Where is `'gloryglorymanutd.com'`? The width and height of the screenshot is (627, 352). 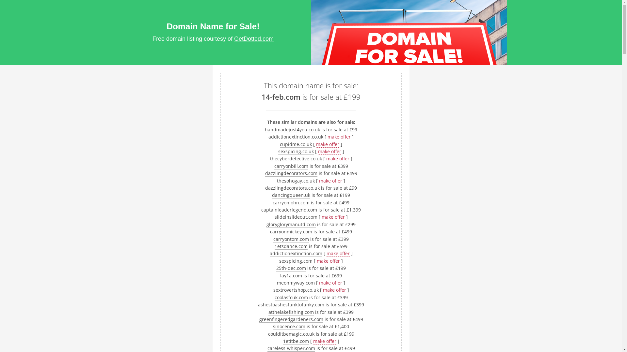
'gloryglorymanutd.com' is located at coordinates (291, 224).